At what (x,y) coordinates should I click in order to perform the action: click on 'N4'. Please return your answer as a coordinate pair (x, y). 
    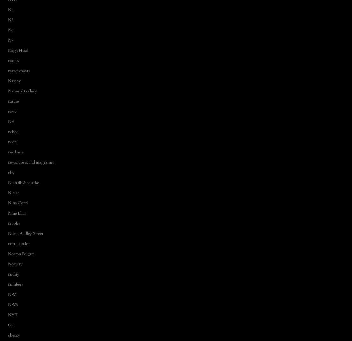
    Looking at the image, I should click on (8, 9).